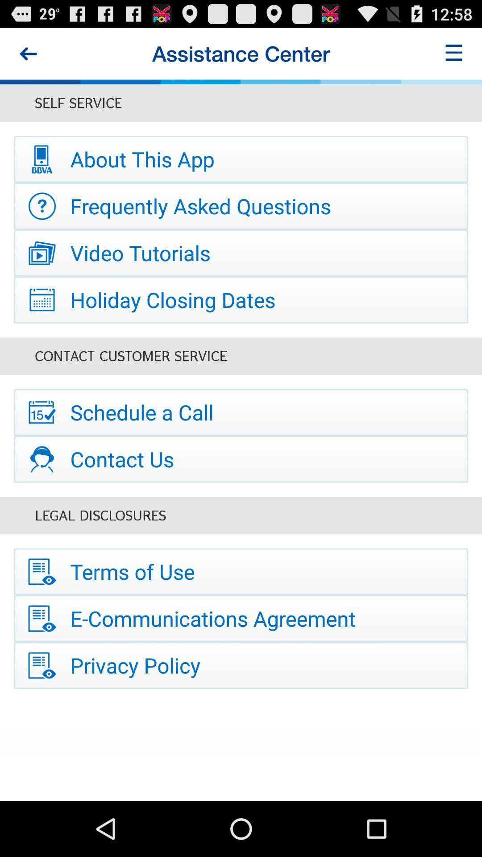 The width and height of the screenshot is (482, 857). Describe the element at coordinates (241, 572) in the screenshot. I see `item above e-communications agreement` at that location.